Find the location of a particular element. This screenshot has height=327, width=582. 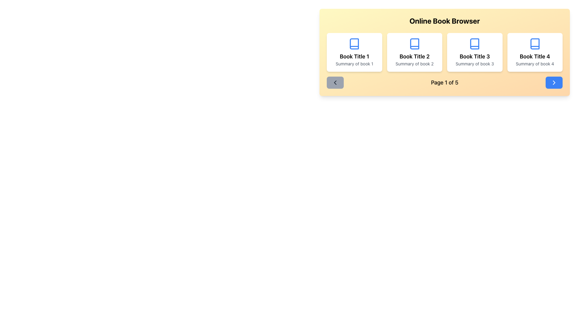

the text element providing a summary for 'Book Title 4', located in the far-right card of a horizontal row of four cards, positioned below the title is located at coordinates (535, 64).